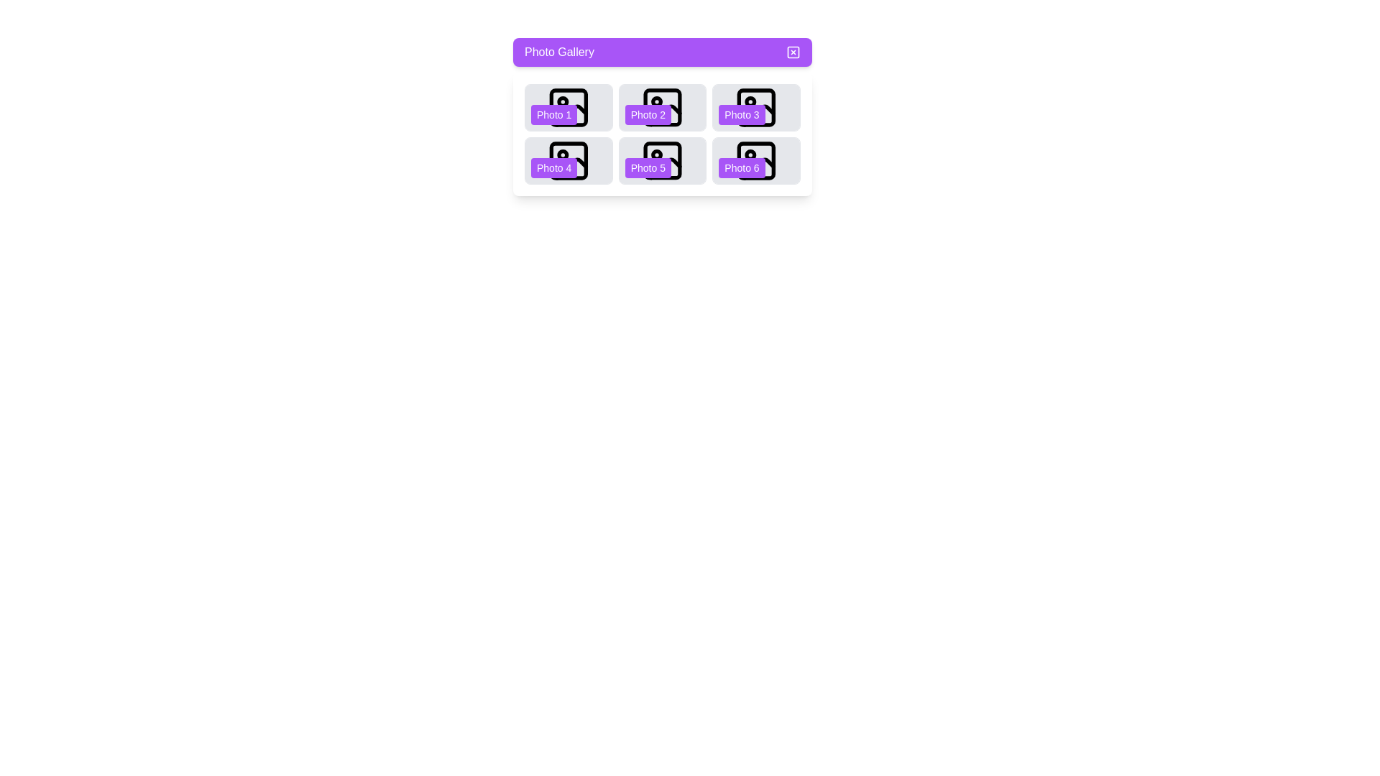 The image size is (1380, 776). I want to click on the photo labeled with the number 6, so click(755, 160).